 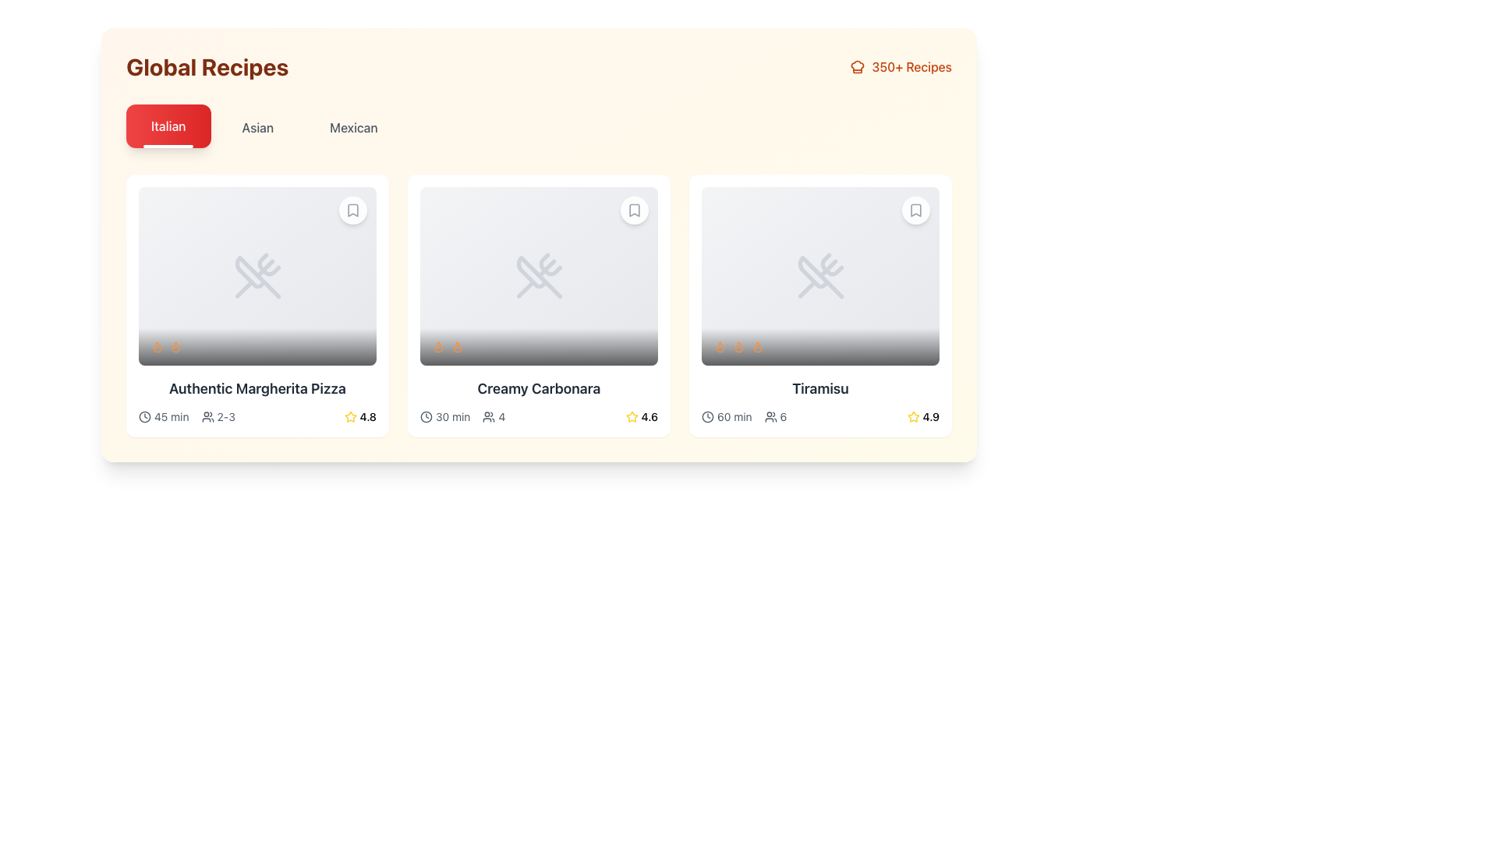 I want to click on the flame icon with an orange outline located beneath the image on the Tiramisu recipe card, which is the third in a series of similar icons, so click(x=757, y=345).